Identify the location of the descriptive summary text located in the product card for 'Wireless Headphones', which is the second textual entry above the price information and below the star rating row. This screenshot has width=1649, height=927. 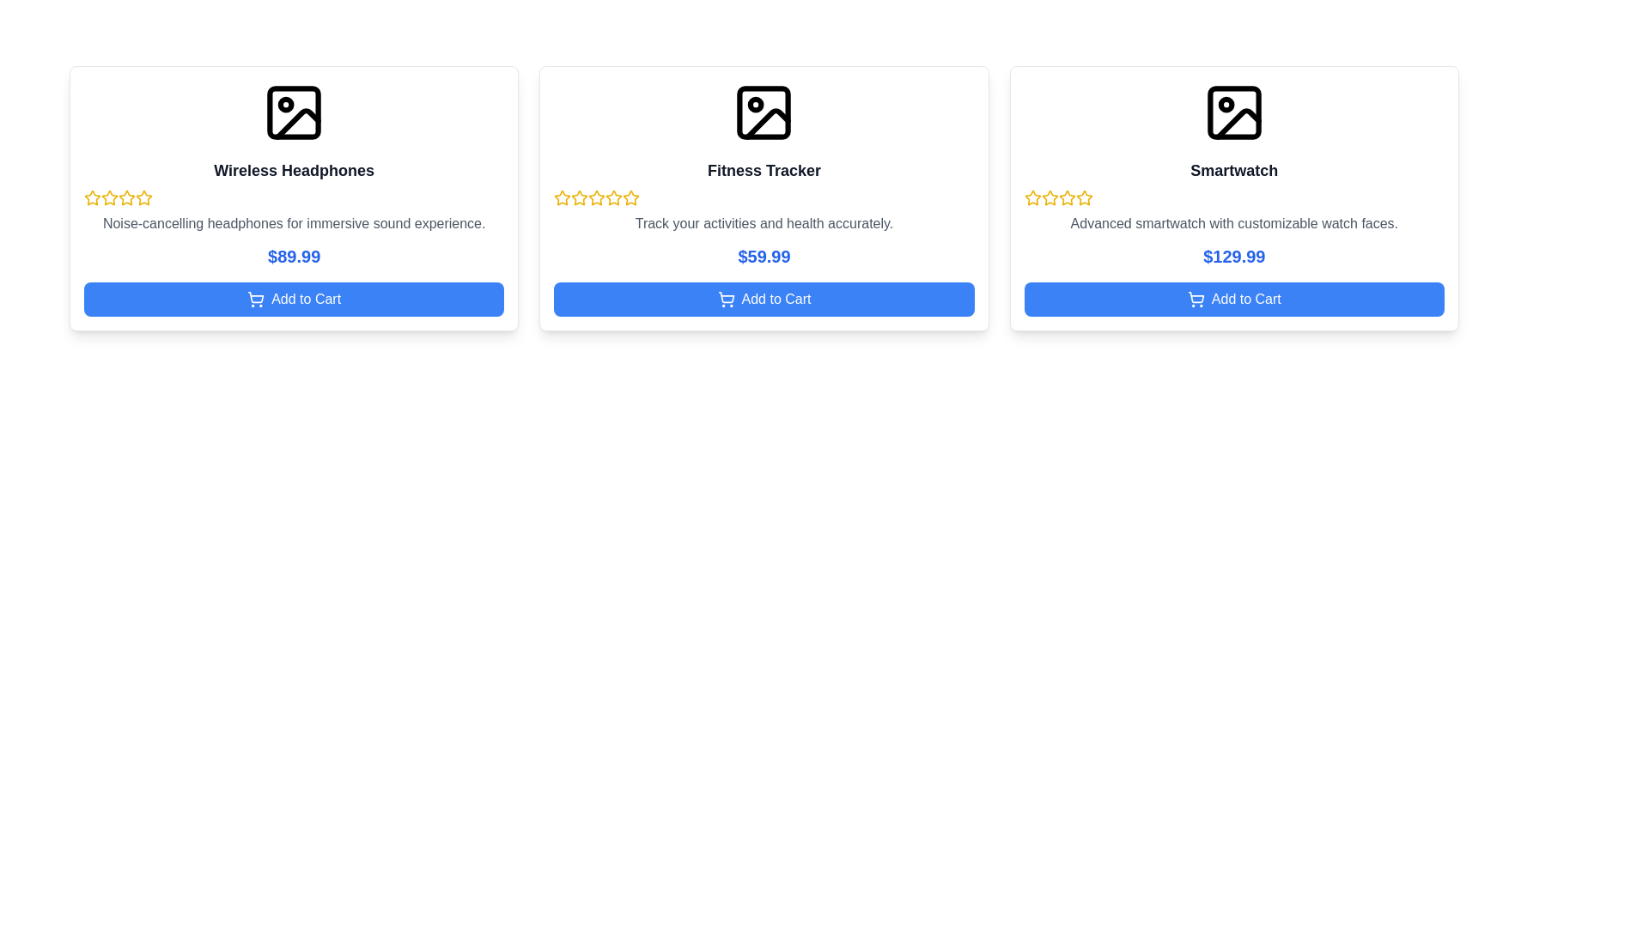
(294, 223).